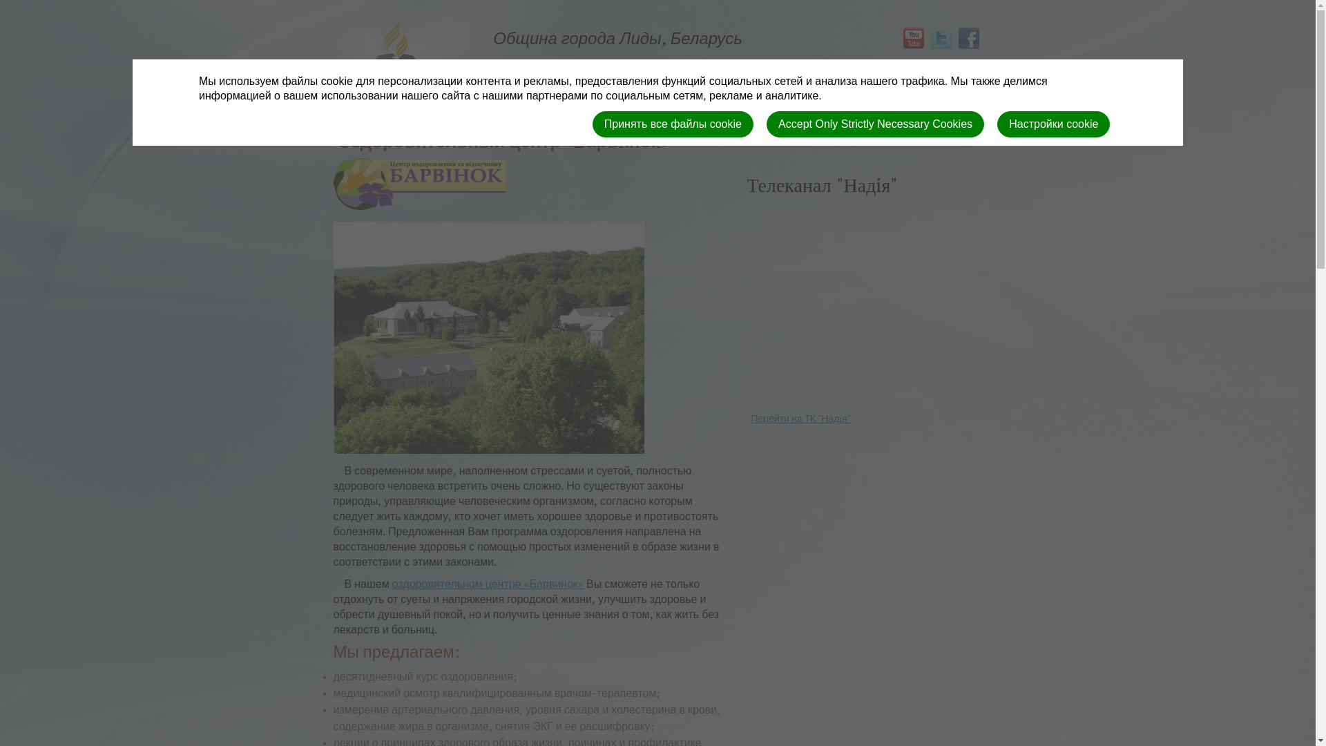 This screenshot has width=1326, height=746. What do you see at coordinates (912, 38) in the screenshot?
I see `'Youtube Channel'` at bounding box center [912, 38].